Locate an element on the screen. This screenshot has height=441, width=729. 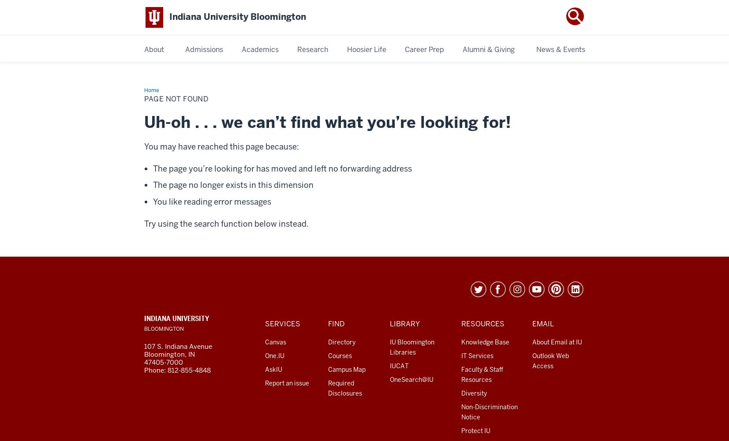
'Uh-oh . . . we can’t find what you’re looking for!' is located at coordinates (327, 122).